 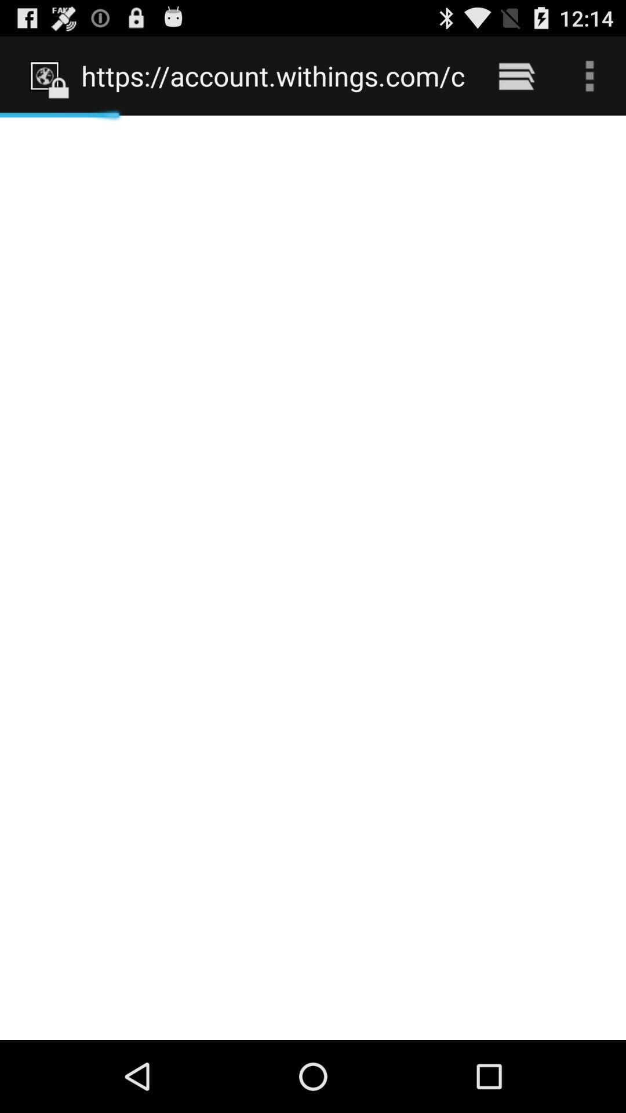 I want to click on icon at the center, so click(x=313, y=577).